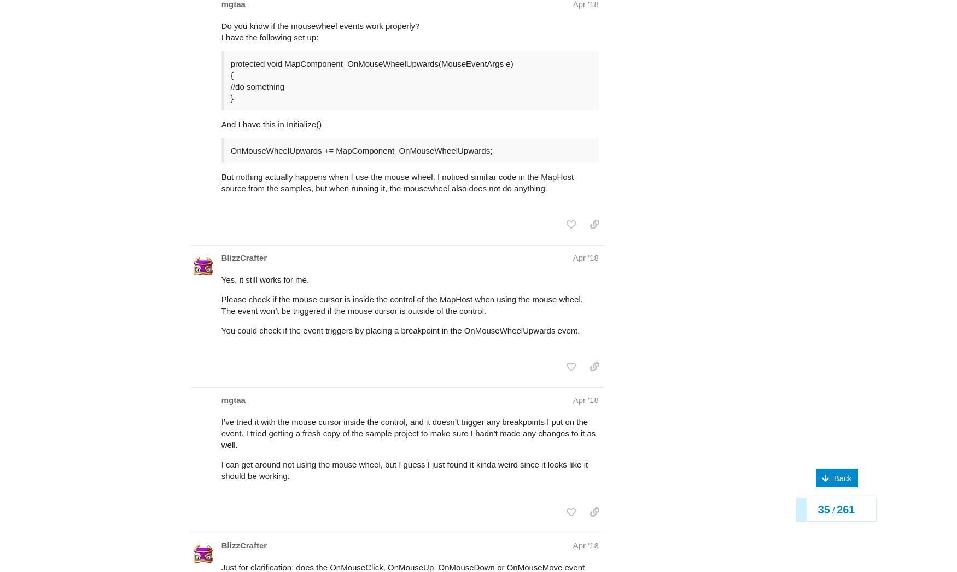 Image resolution: width=957 pixels, height=572 pixels. What do you see at coordinates (271, 80) in the screenshot?
I see `'And I have this in Initialize()'` at bounding box center [271, 80].